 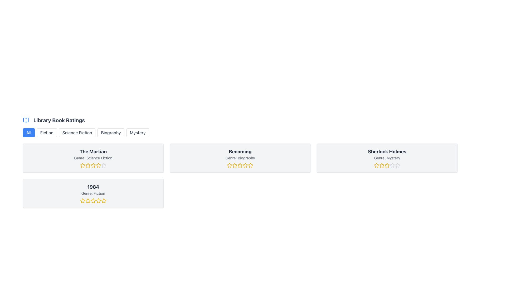 What do you see at coordinates (250, 165) in the screenshot?
I see `the third rating star in the five-star rating system located below the 'Becoming' book card in the Biography section` at bounding box center [250, 165].